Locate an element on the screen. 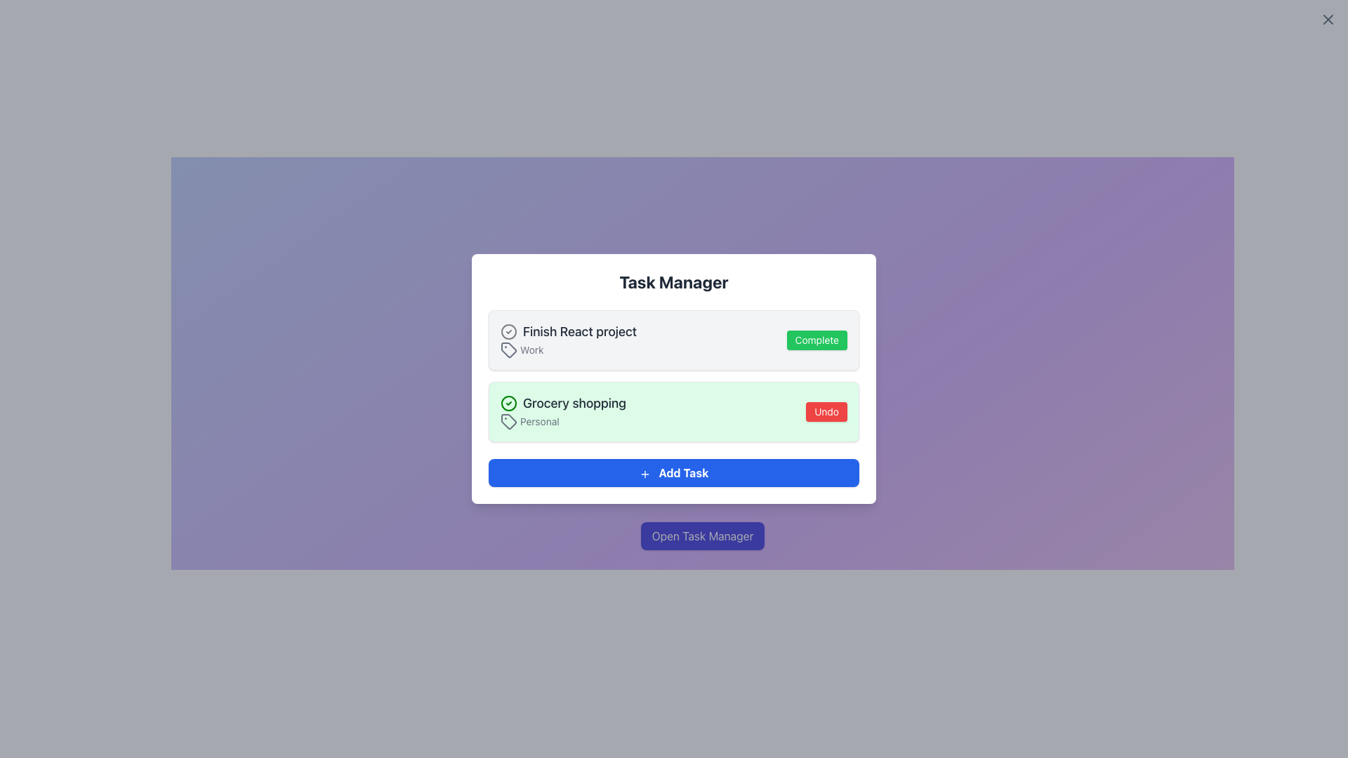 The width and height of the screenshot is (1348, 758). the associated icon of the Label located beneath the 'Finish React project' task title in the first task card of the 'Task Manager' application is located at coordinates (569, 349).